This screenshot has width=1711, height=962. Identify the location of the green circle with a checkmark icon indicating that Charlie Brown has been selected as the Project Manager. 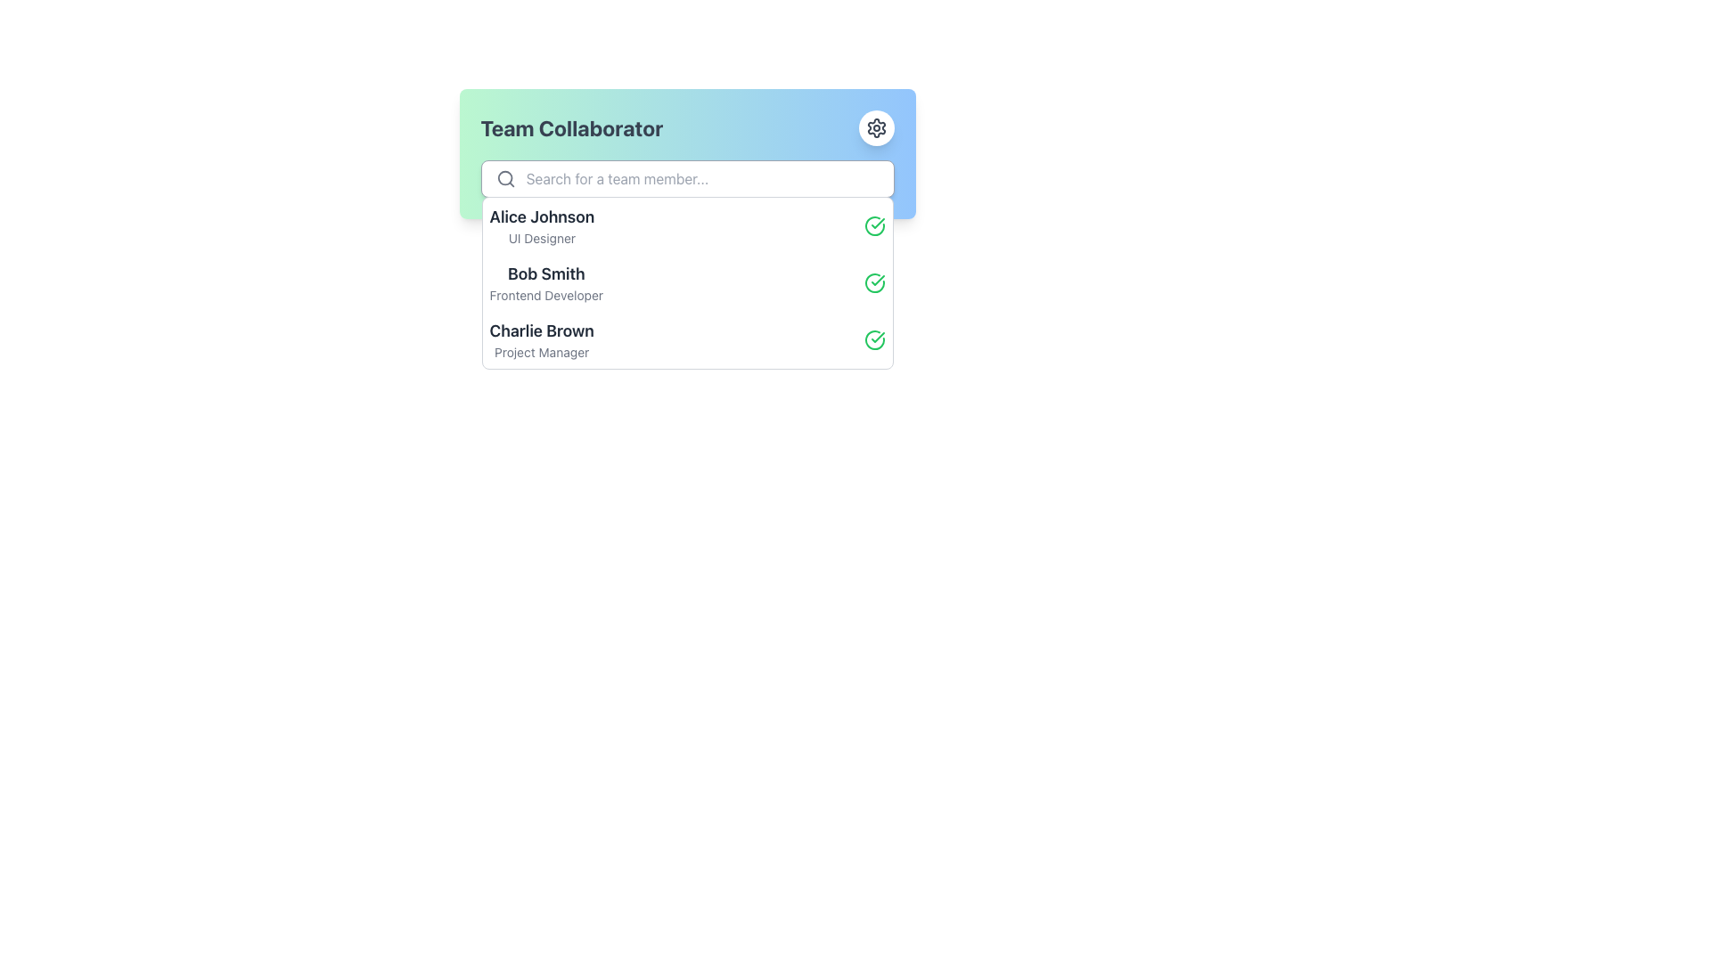
(874, 339).